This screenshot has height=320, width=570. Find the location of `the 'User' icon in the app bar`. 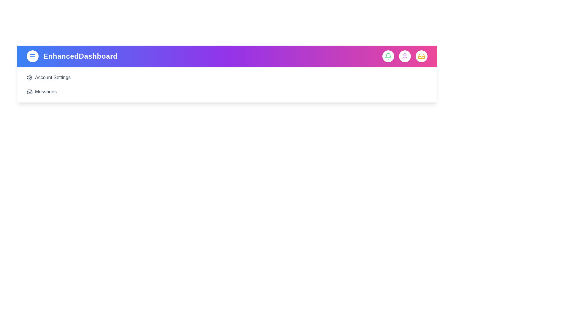

the 'User' icon in the app bar is located at coordinates (404, 56).